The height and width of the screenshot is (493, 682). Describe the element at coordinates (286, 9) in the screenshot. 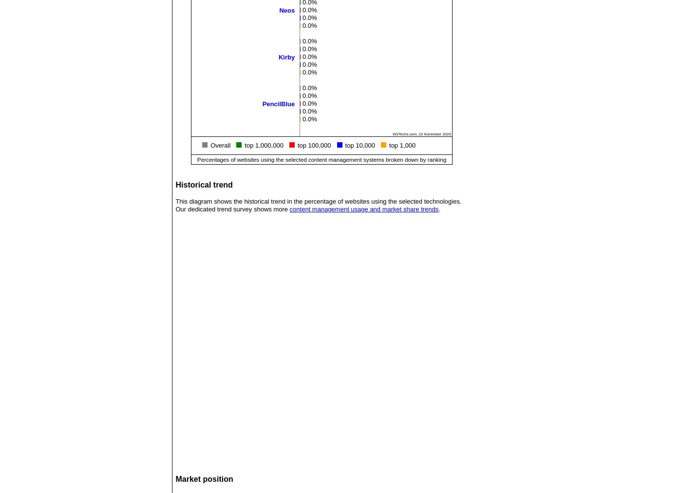

I see `'Neos'` at that location.